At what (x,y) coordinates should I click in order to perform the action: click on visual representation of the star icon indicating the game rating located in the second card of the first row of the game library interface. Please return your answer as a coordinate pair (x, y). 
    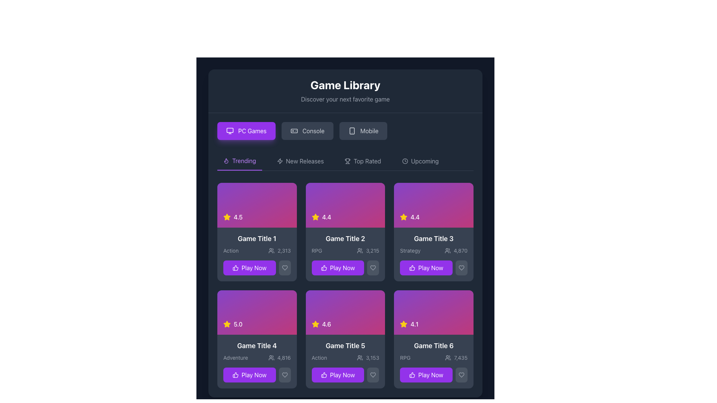
    Looking at the image, I should click on (227, 217).